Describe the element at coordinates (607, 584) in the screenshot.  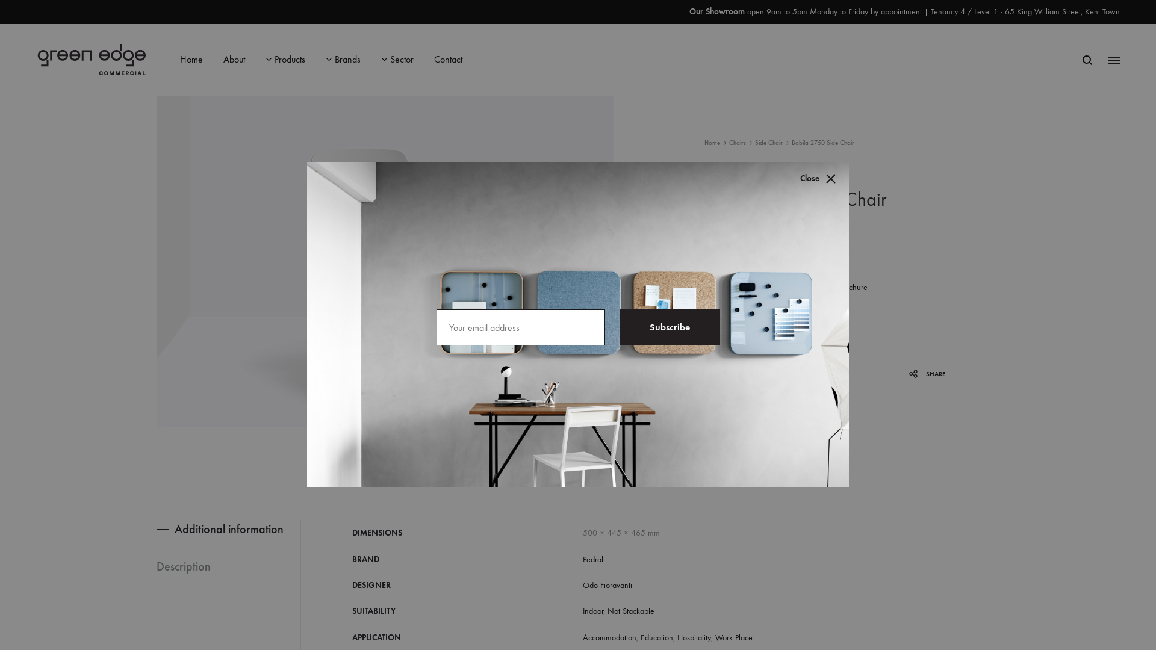
I see `'Odo Fioravanti'` at that location.